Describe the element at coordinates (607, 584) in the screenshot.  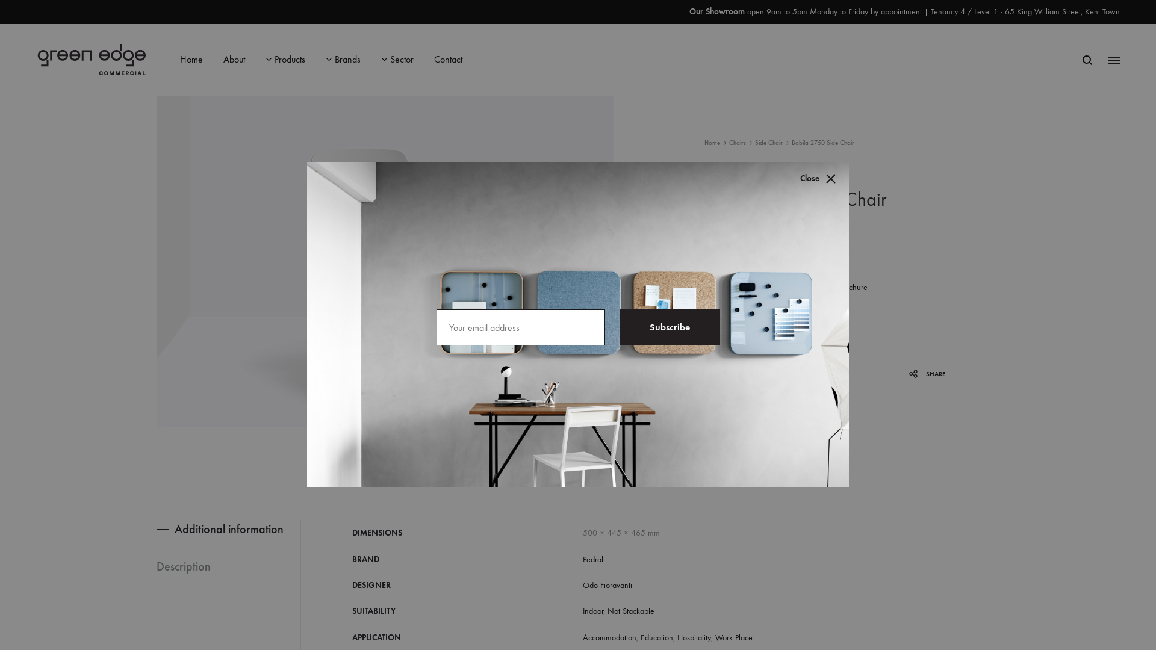
I see `'Odo Fioravanti'` at that location.